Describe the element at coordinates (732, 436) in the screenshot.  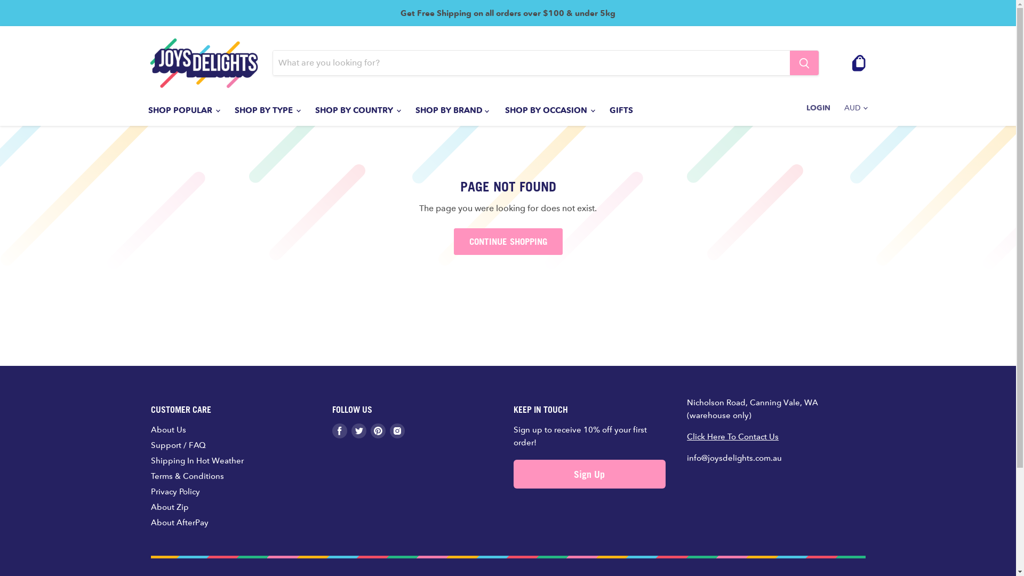
I see `'Click Here To Contact Us'` at that location.